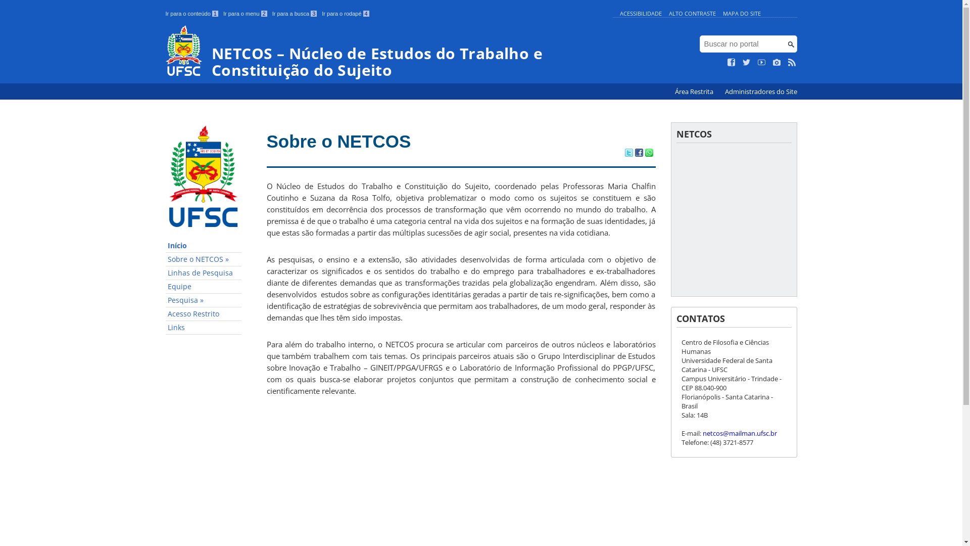  I want to click on 'Sobre o NETCOS', so click(339, 141).